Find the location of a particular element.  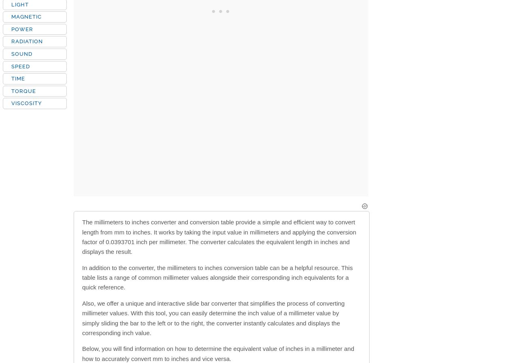

'SPEED' is located at coordinates (11, 65).